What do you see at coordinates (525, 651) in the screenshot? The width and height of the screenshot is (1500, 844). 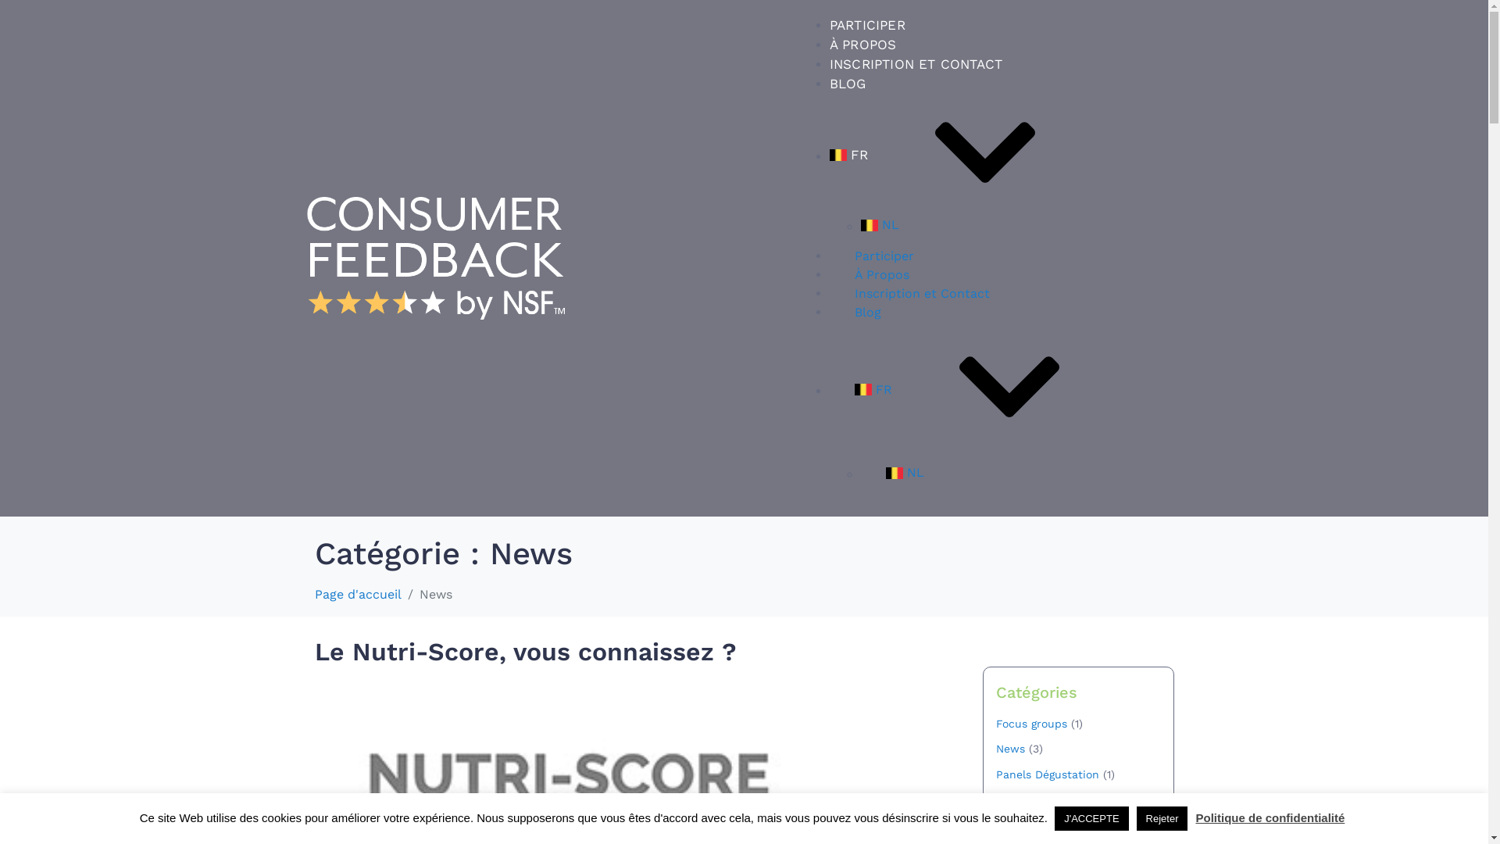 I see `'Le Nutri-Score, vous connaissez ?'` at bounding box center [525, 651].